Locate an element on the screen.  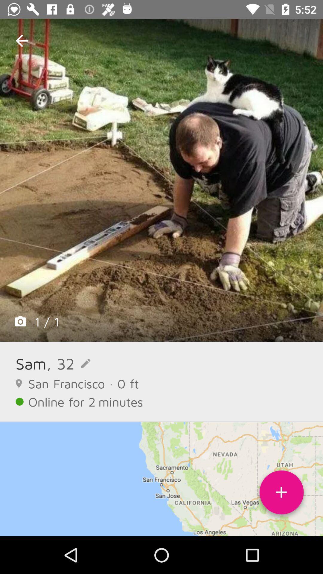
photo box is located at coordinates (161, 180).